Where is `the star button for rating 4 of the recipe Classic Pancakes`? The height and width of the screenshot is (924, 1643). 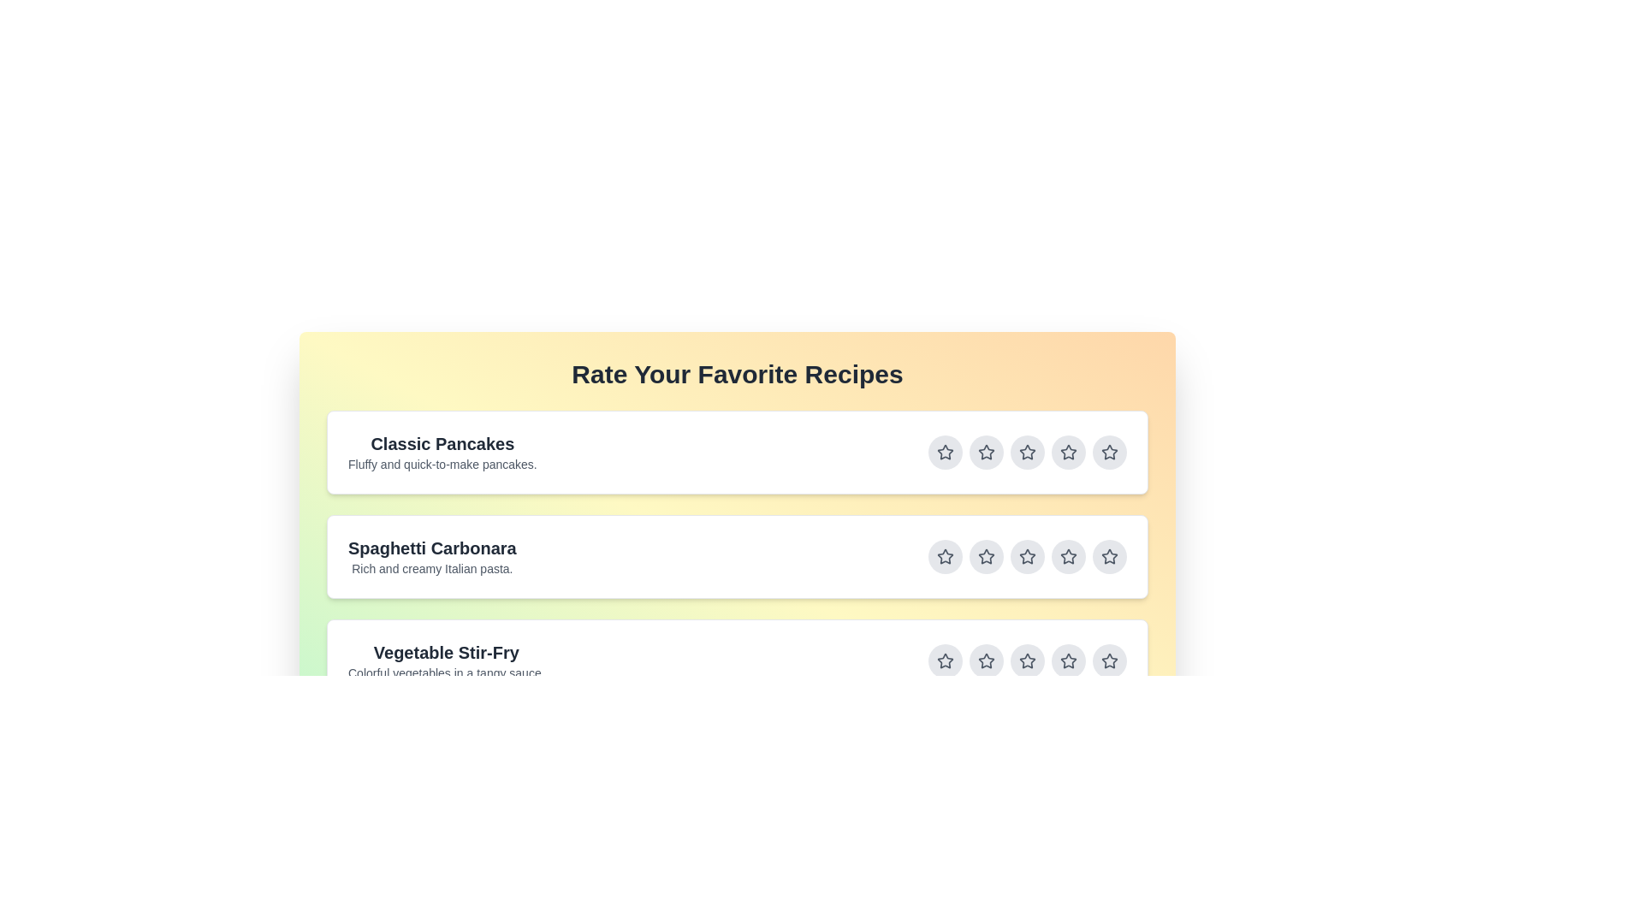
the star button for rating 4 of the recipe Classic Pancakes is located at coordinates (1067, 451).